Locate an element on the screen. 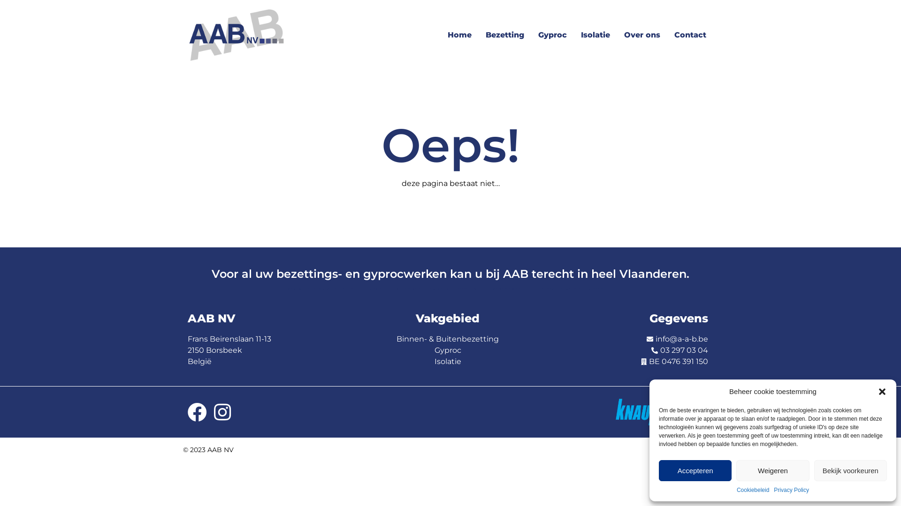 The image size is (901, 506). 'Gyproc' is located at coordinates (447, 350).